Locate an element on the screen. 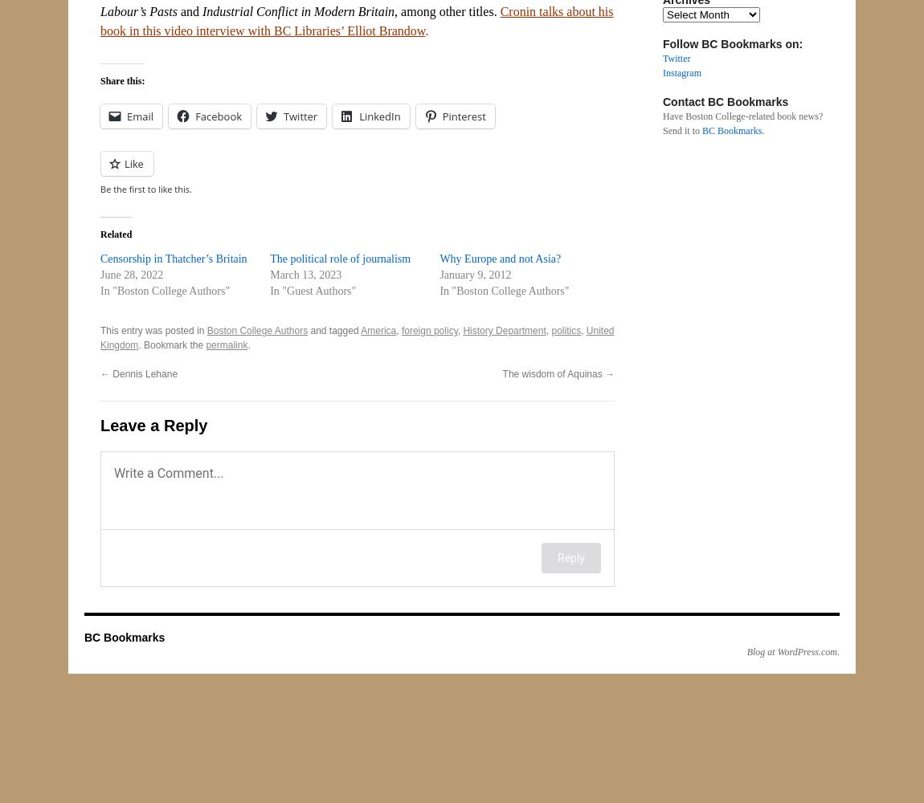 The width and height of the screenshot is (924, 803). 'Dennis Lehane' is located at coordinates (143, 373).